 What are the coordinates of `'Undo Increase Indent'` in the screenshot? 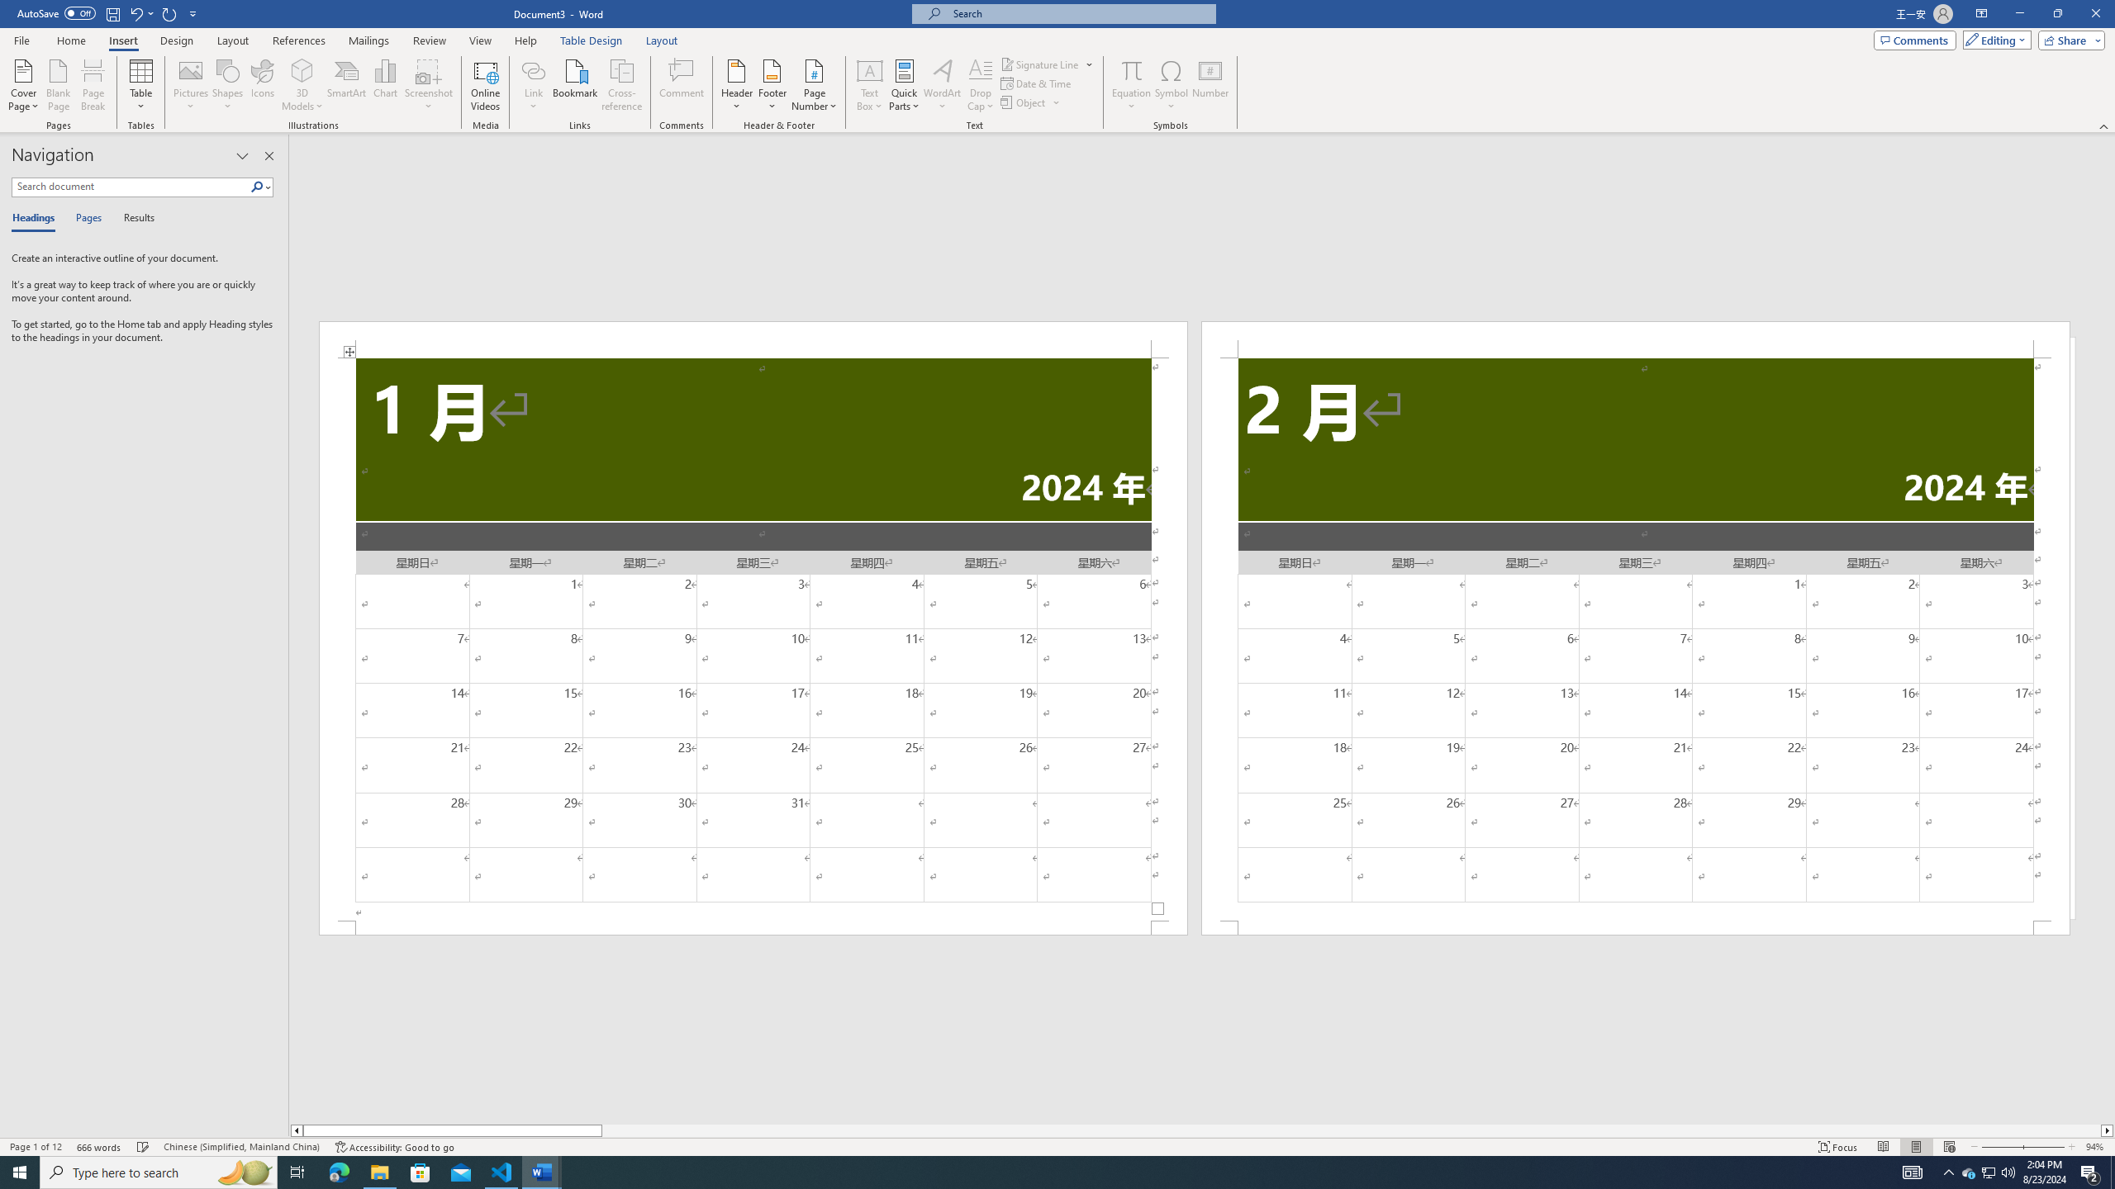 It's located at (135, 12).